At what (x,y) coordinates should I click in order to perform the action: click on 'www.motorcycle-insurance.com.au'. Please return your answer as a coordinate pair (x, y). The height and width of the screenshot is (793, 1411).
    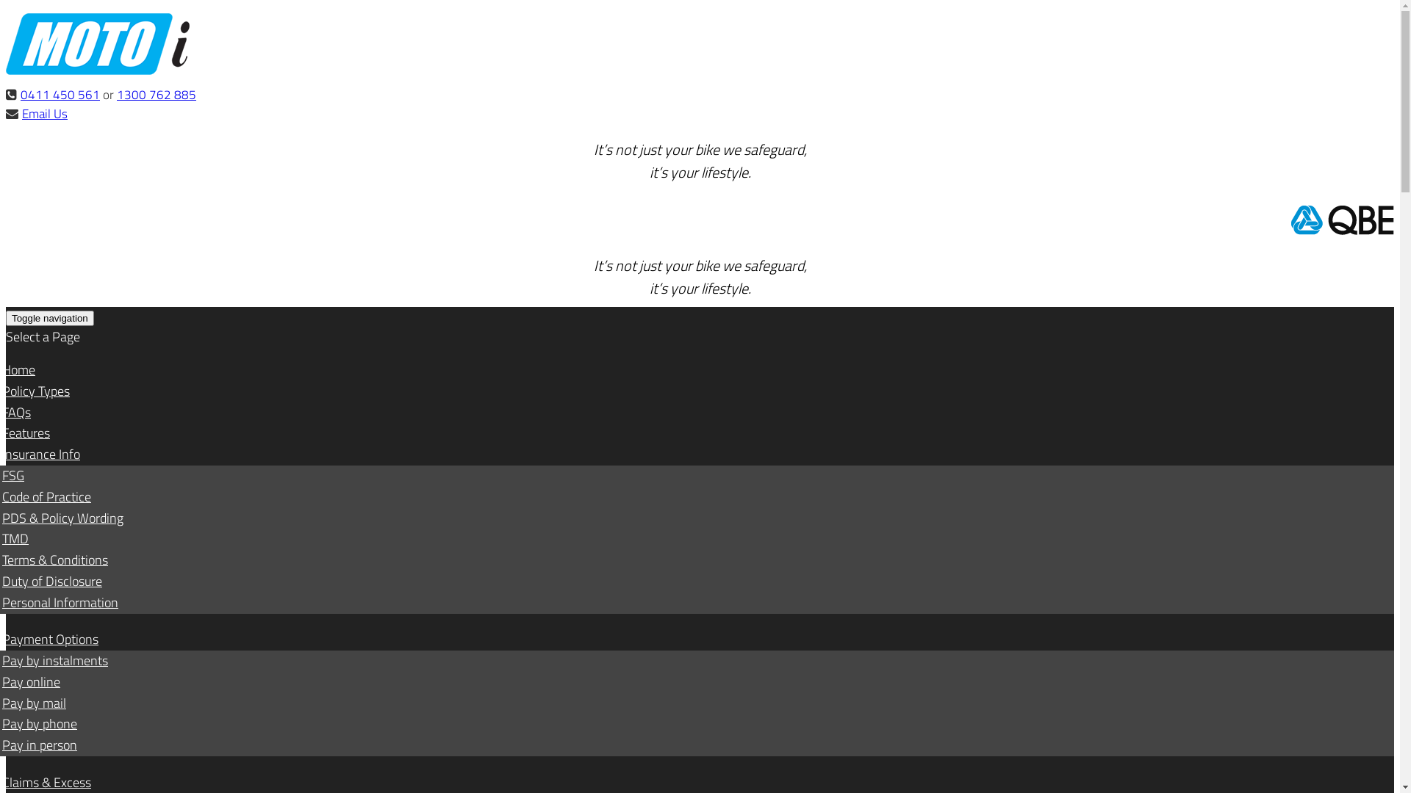
    Looking at the image, I should click on (97, 70).